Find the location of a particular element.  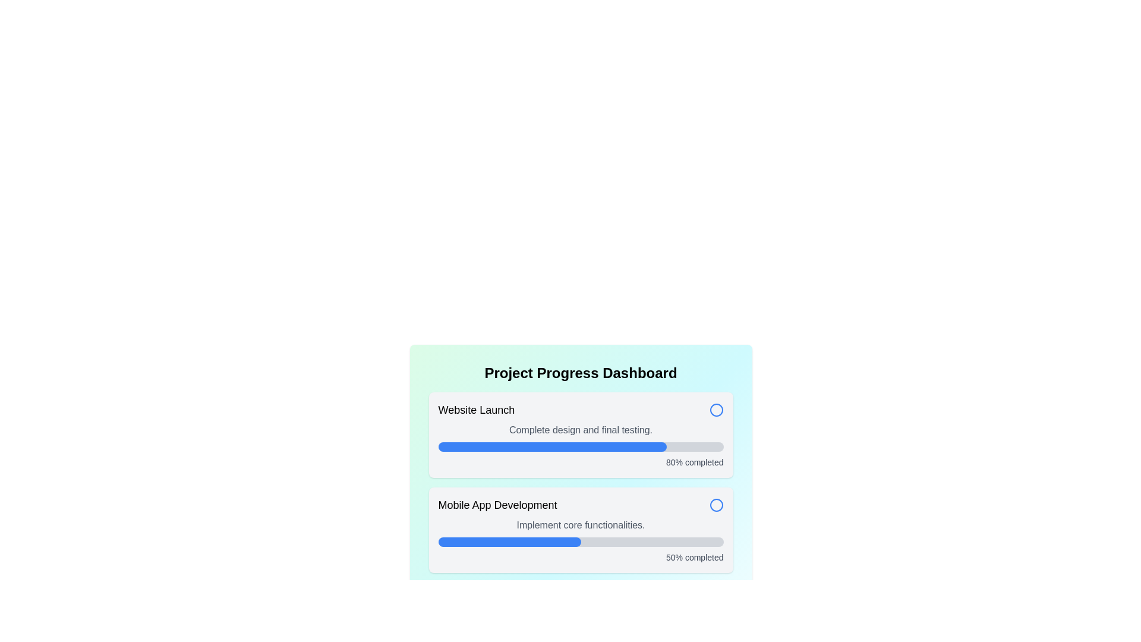

the blue portion of the progress bar, which visually indicates the current progress of the associated task and is located underneath the 'Complete design and final testing.' label is located at coordinates (551, 447).